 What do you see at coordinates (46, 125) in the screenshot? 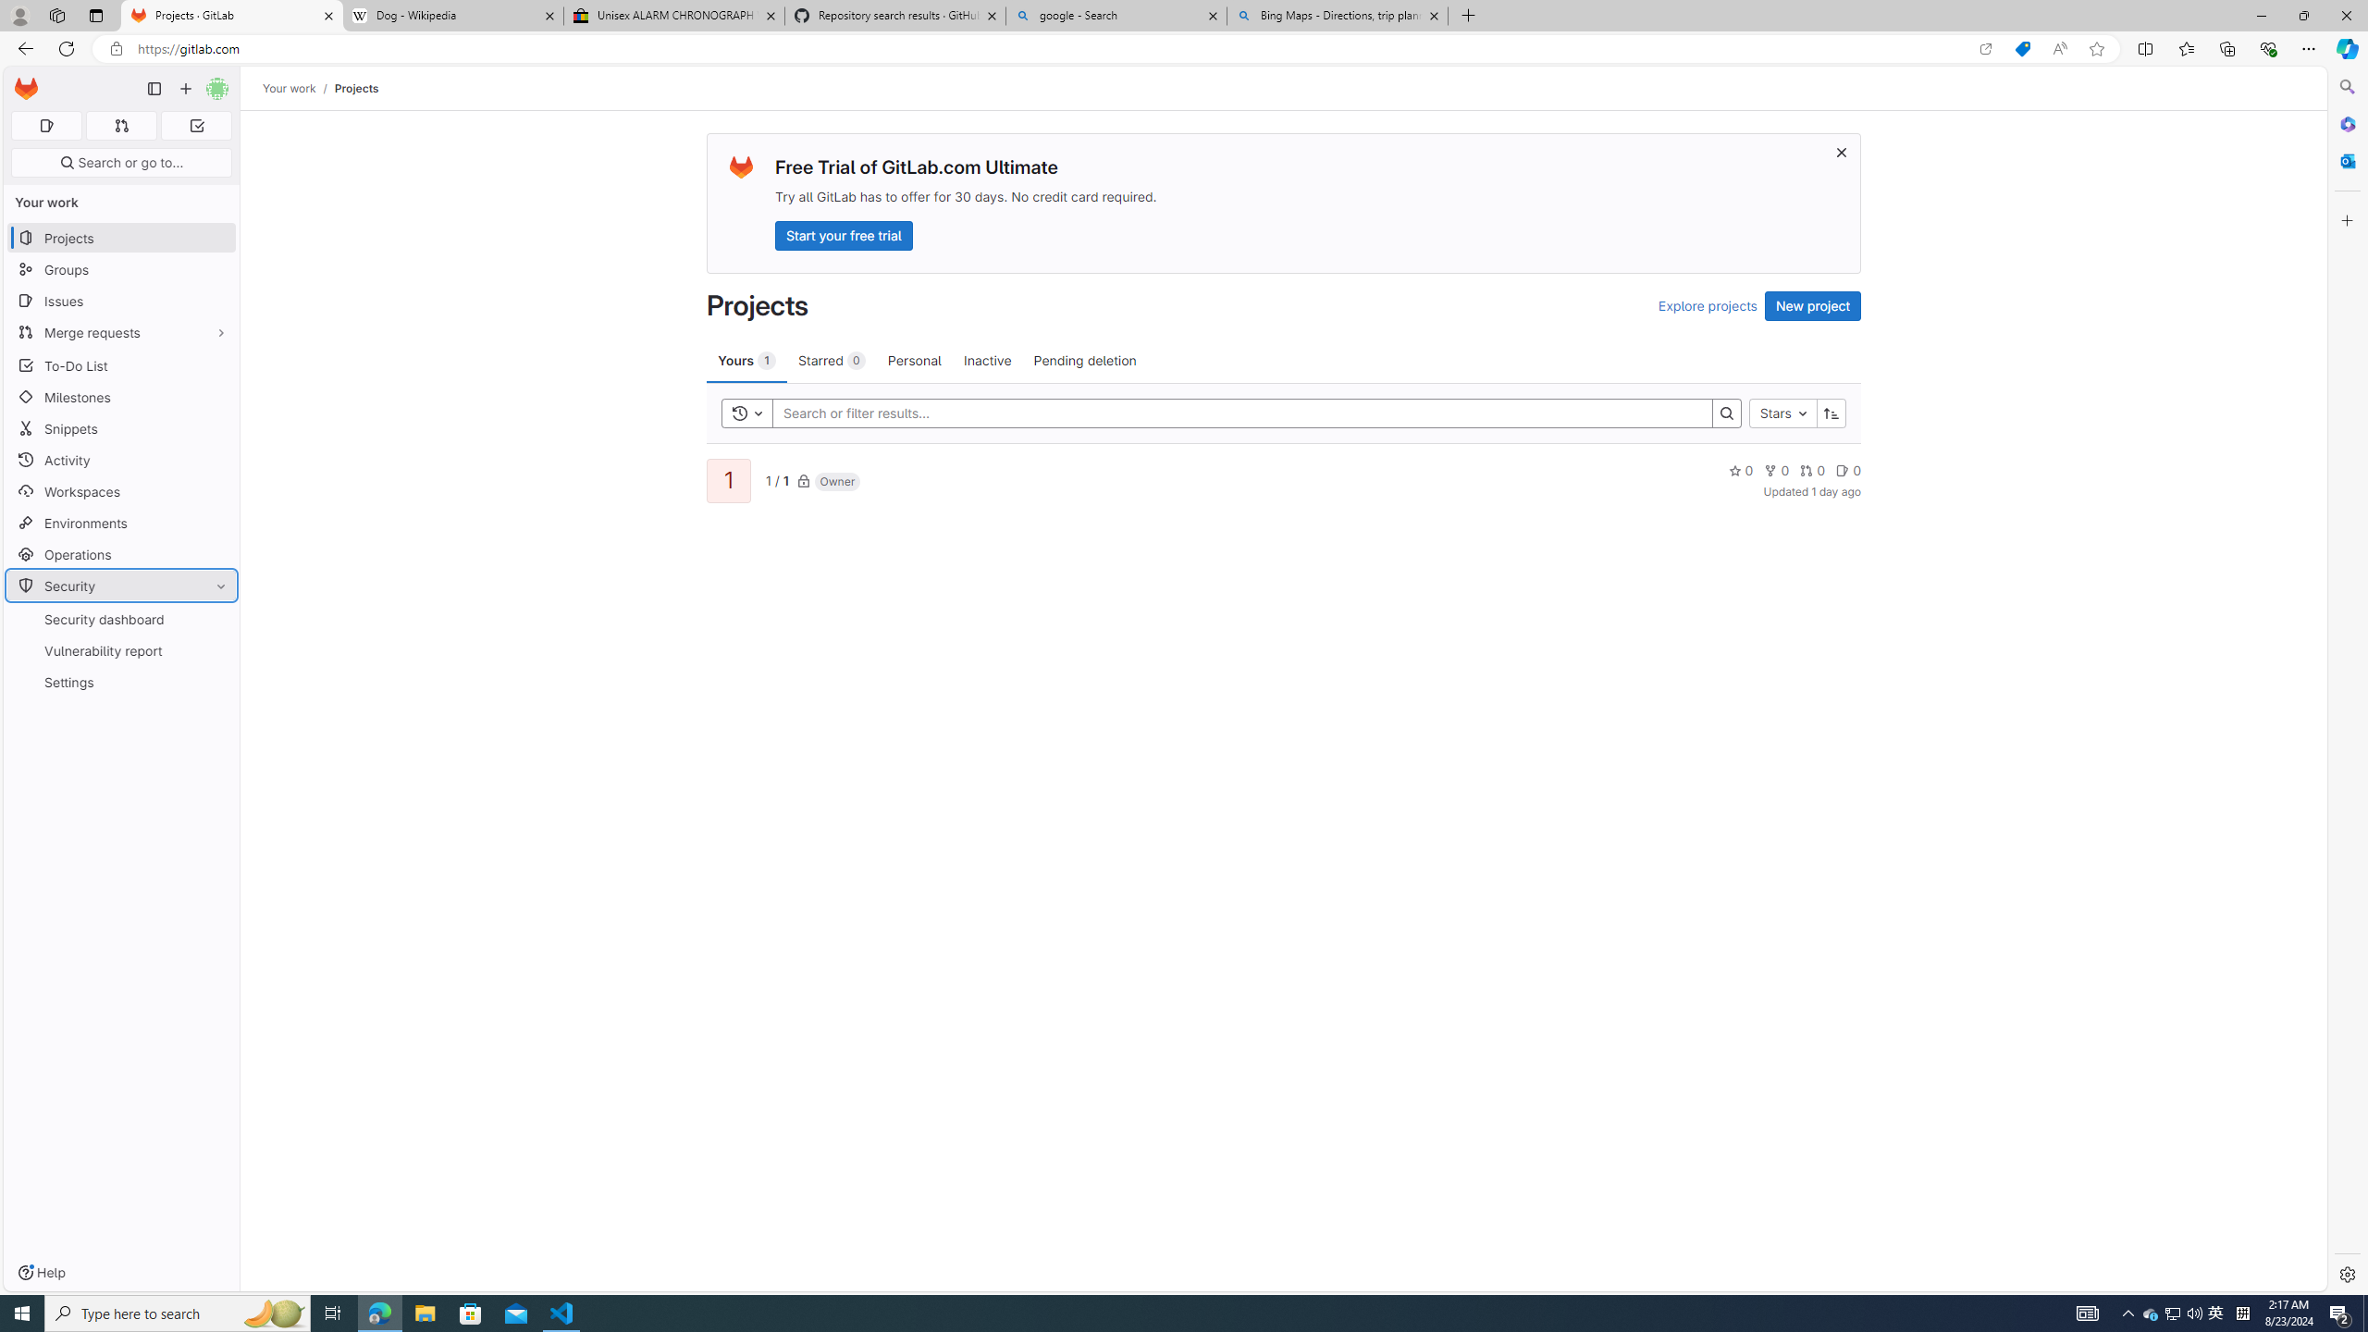
I see `'Assigned issues 0'` at bounding box center [46, 125].